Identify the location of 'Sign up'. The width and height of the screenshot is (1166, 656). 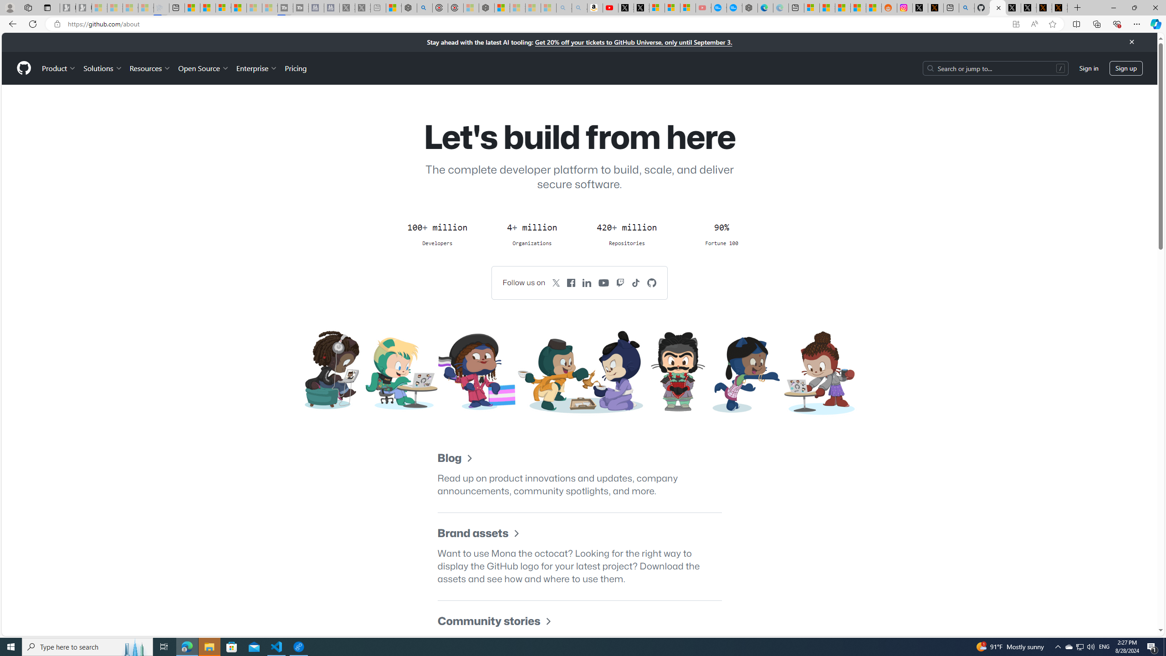
(1125, 68).